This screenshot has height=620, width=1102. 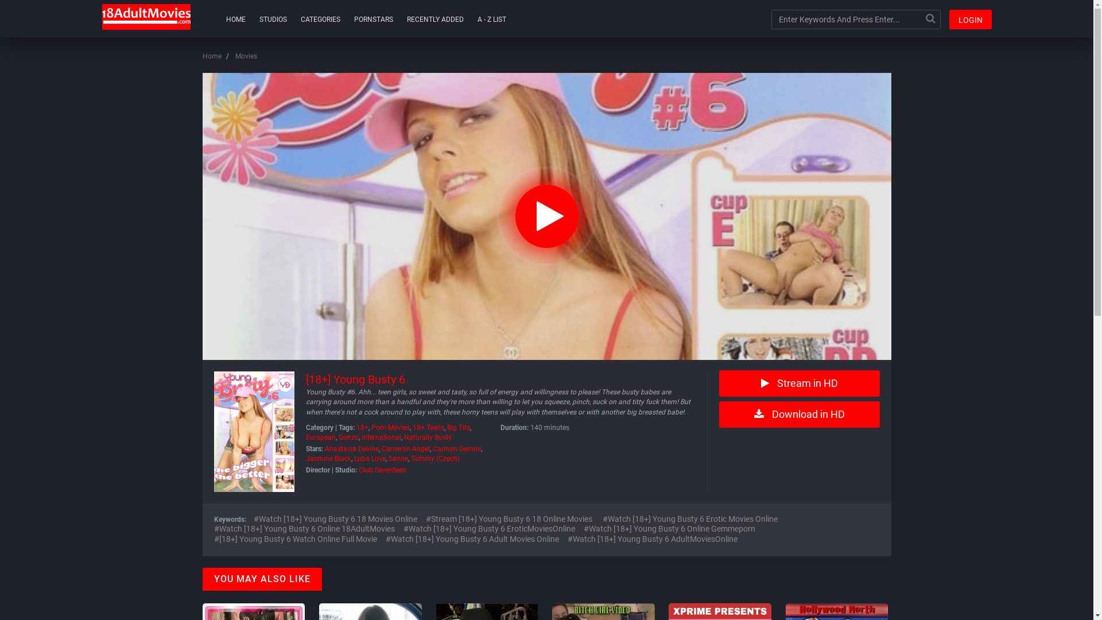 What do you see at coordinates (382, 470) in the screenshot?
I see `'Club Seventeen'` at bounding box center [382, 470].